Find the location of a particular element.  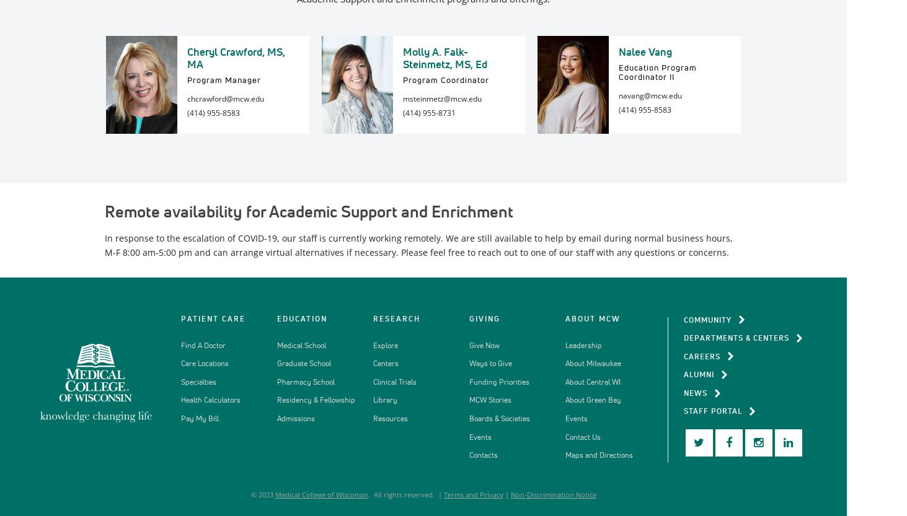

'Education Program Coordinator II' is located at coordinates (656, 71).